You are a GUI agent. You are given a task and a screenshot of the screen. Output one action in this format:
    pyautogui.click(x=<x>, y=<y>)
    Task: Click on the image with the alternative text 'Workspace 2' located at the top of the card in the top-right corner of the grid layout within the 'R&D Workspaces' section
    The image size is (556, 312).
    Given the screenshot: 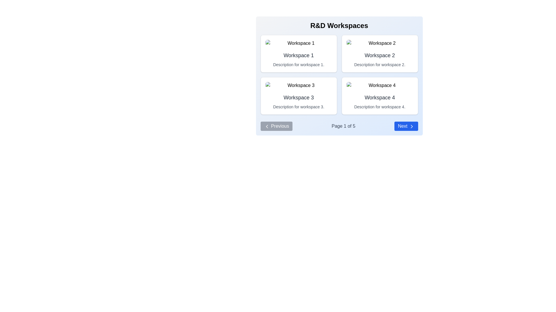 What is the action you would take?
    pyautogui.click(x=380, y=43)
    